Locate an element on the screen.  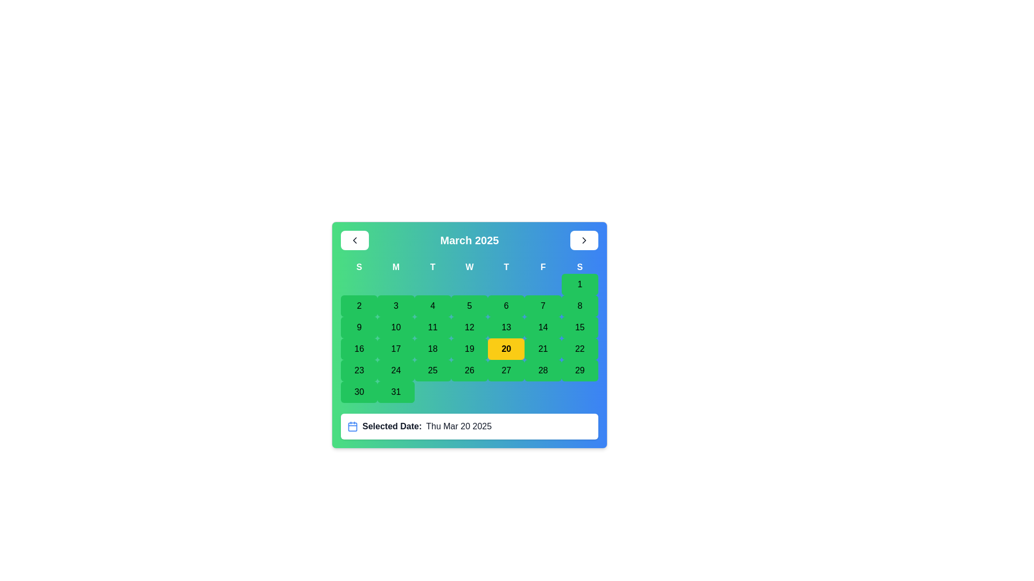
the button representing the date 21 in the calendar interface is located at coordinates (543, 349).